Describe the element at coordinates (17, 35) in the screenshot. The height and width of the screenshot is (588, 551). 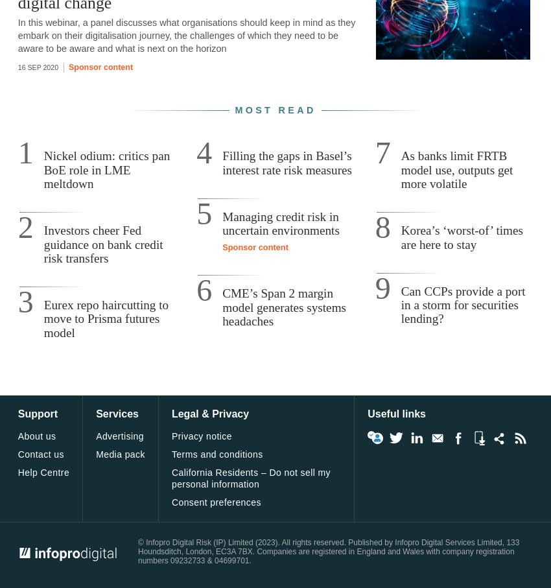
I see `'In this webinar, a panel discusses what organisations should keep in mind as they embark on their digitalisation journey, the challenges of which they need to be aware to be aware and what is next on the horizon'` at that location.